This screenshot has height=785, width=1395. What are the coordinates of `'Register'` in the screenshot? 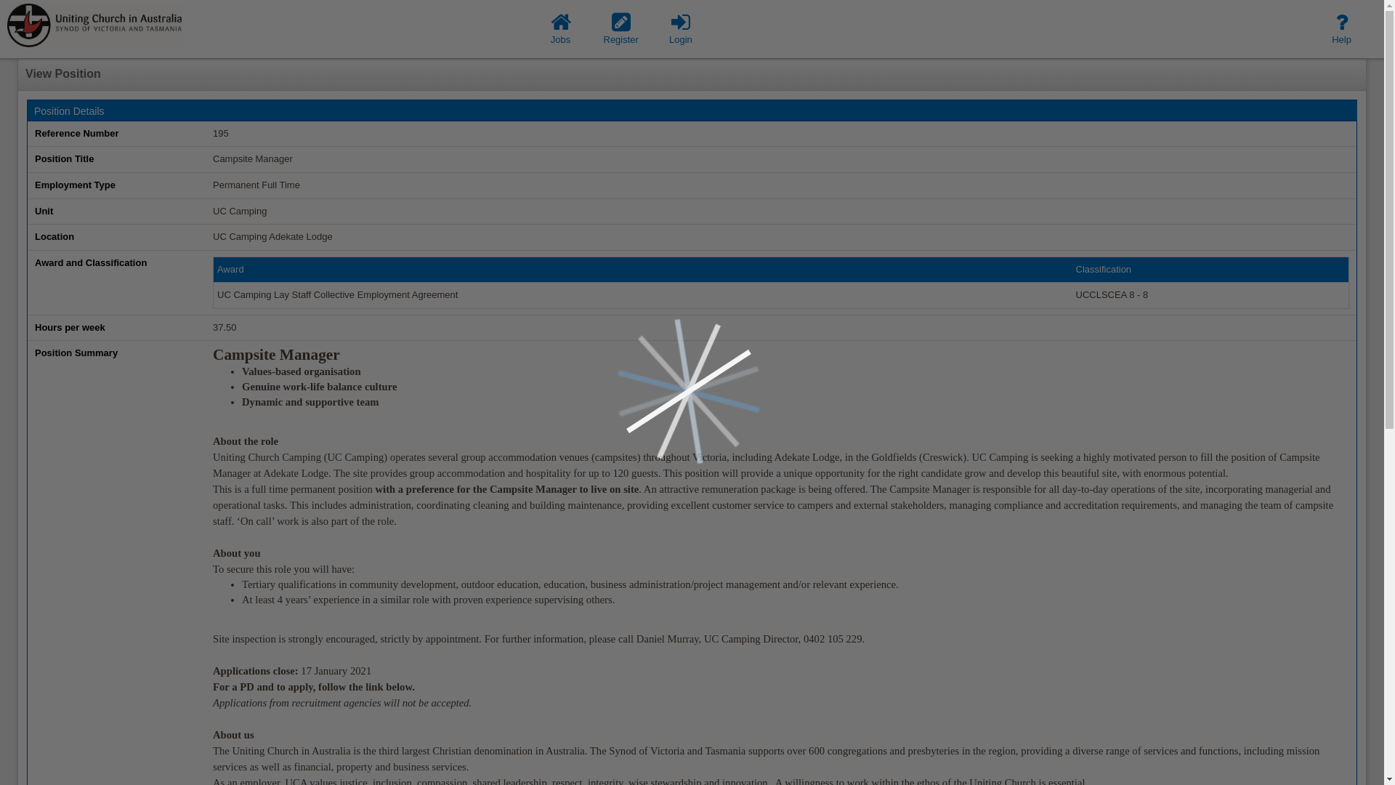 It's located at (620, 28).